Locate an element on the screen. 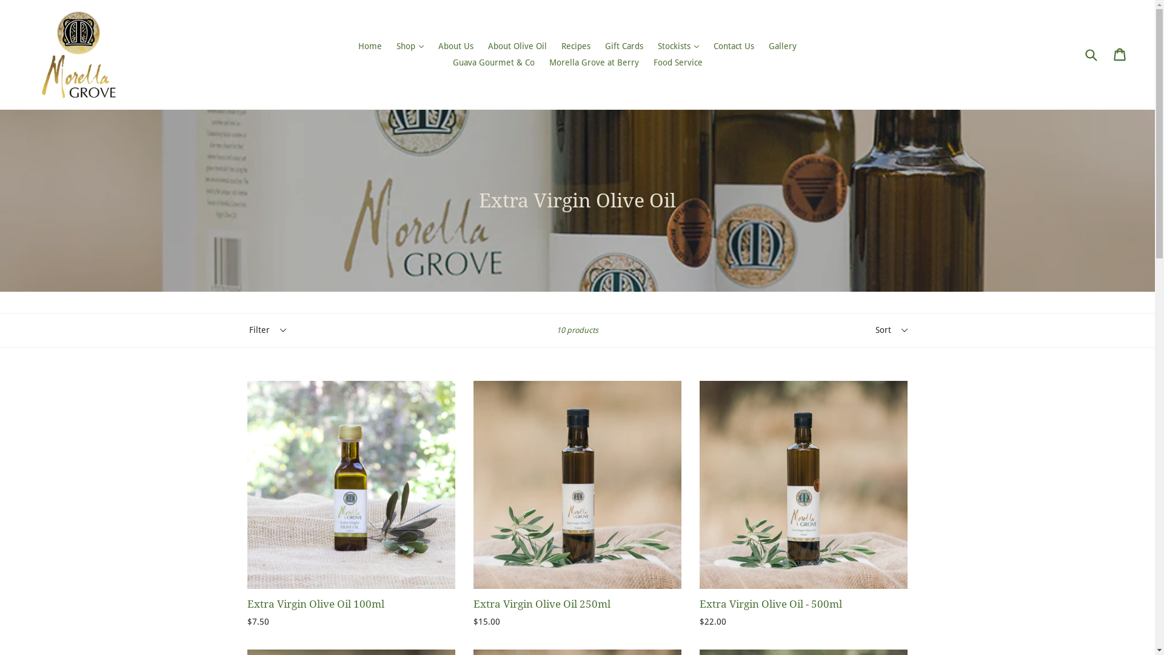  'About Us' is located at coordinates (455, 45).